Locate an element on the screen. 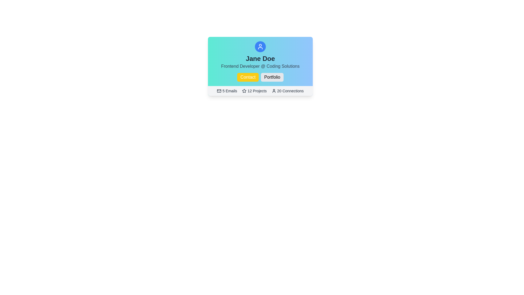 The image size is (524, 295). the 'Projects' icon in the lower row of the main card interface, which is the second element in a group that includes an email icon and a person icon, to gather visual information about its representation of project achievements is located at coordinates (244, 90).